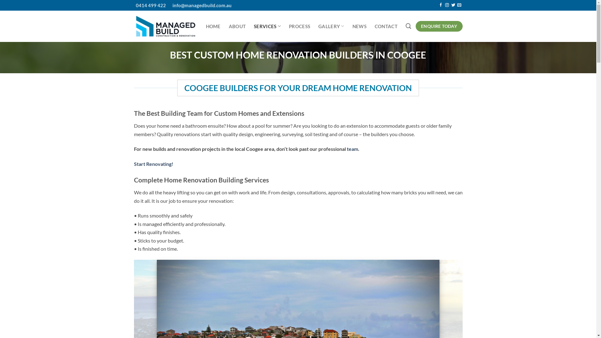 This screenshot has height=338, width=601. I want to click on 'HOME', so click(213, 26).